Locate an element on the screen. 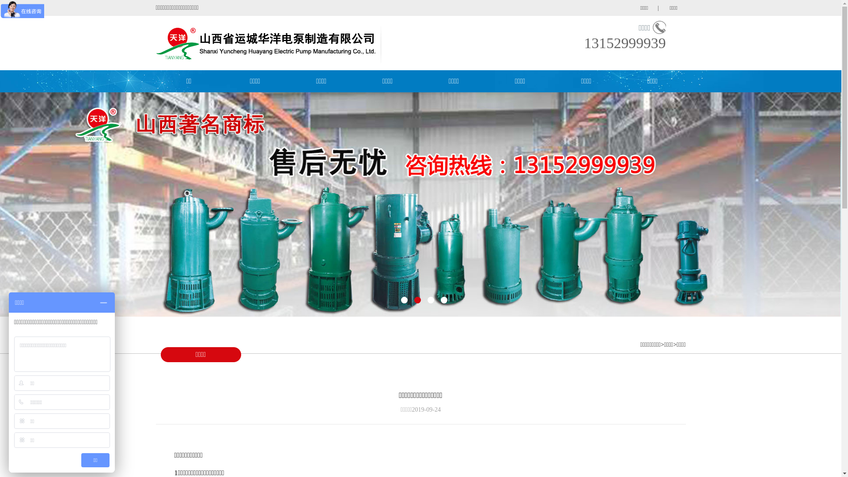 The height and width of the screenshot is (477, 848). '3' is located at coordinates (431, 299).